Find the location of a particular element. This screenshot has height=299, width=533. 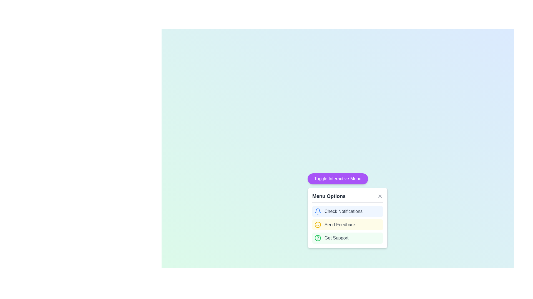

the feedback button located in the middle position of the dropdown panel, which is the second button stacked below 'Check Notifications' and above 'Get Support' is located at coordinates (347, 225).